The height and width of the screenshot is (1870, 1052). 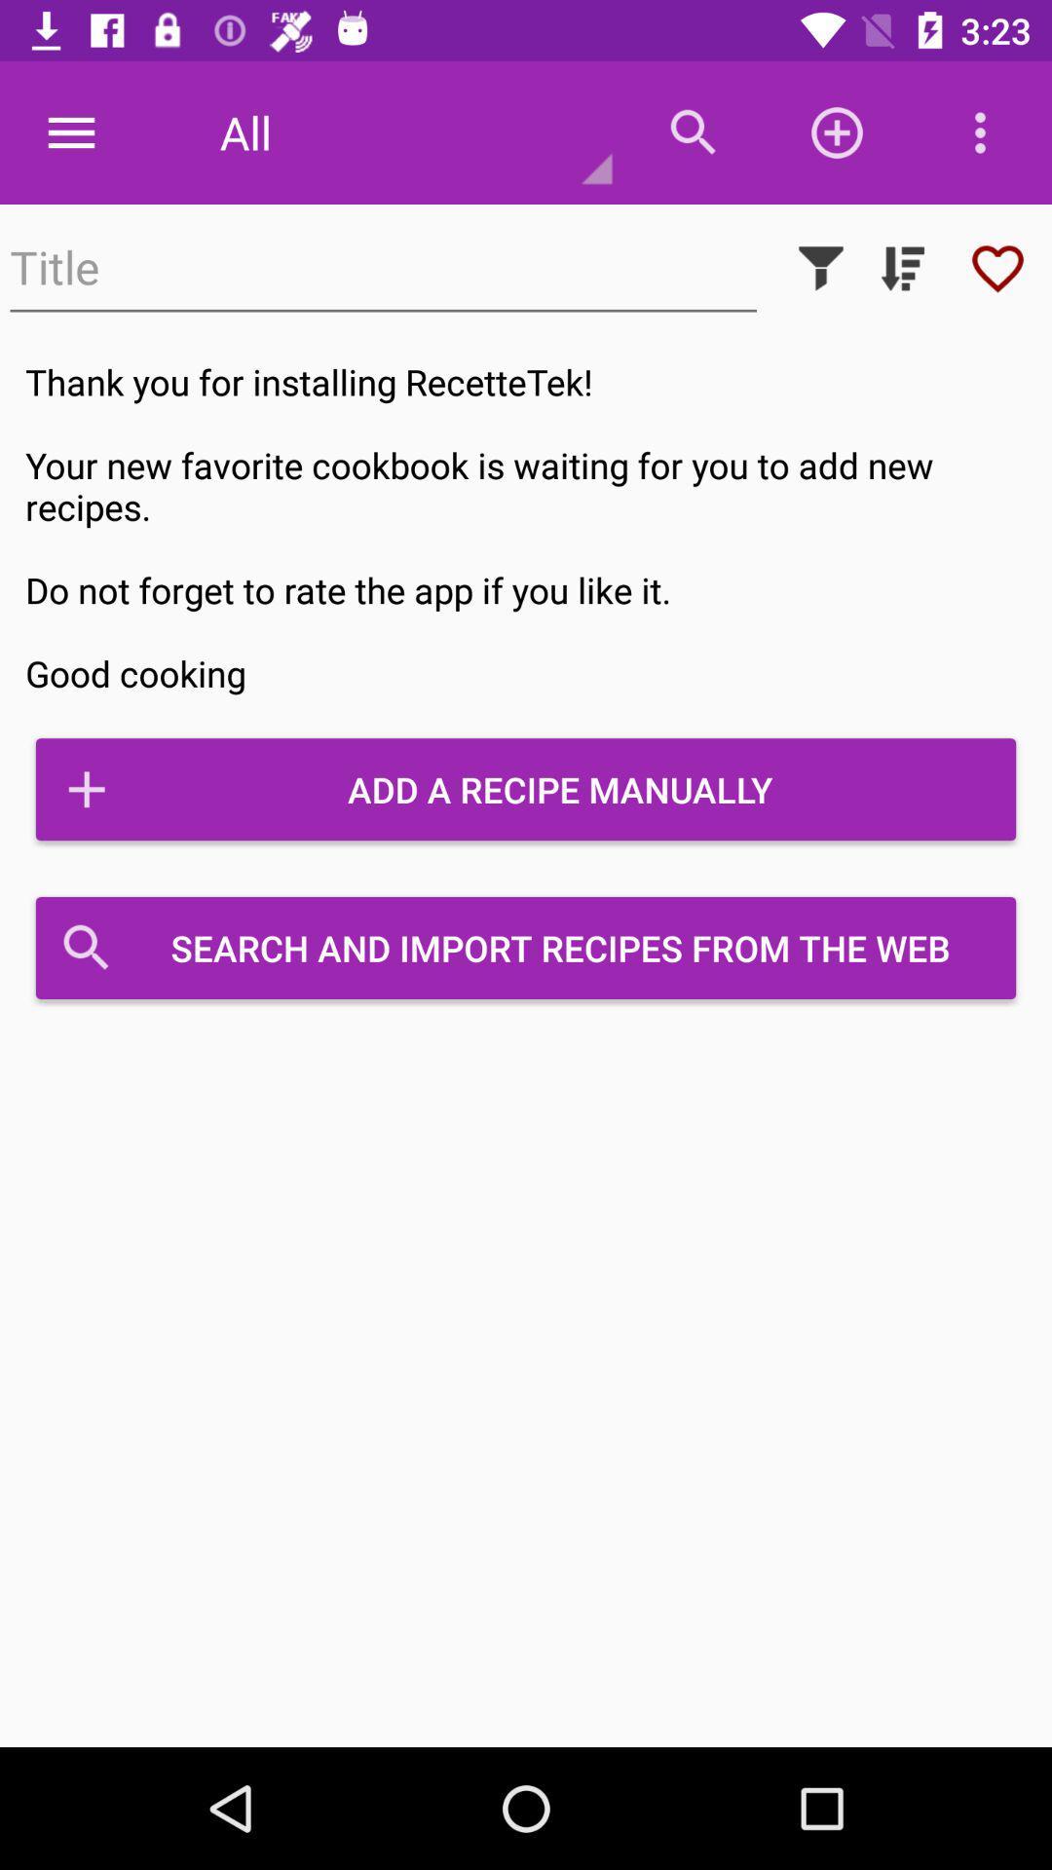 What do you see at coordinates (383, 267) in the screenshot?
I see `the icon above thank you for` at bounding box center [383, 267].